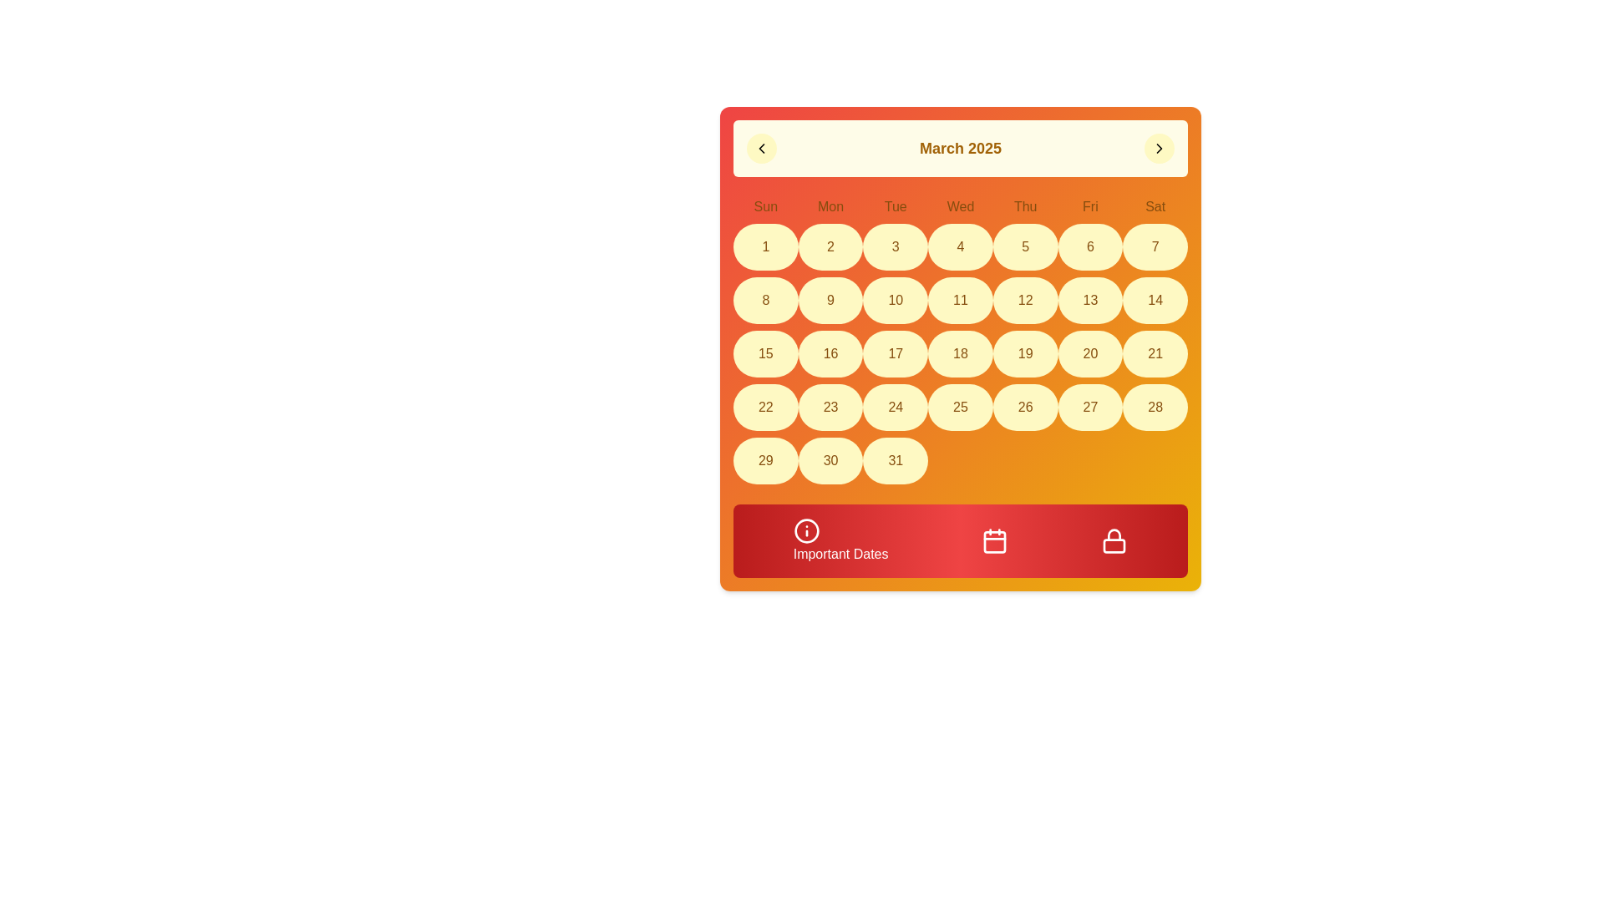 The image size is (1604, 902). Describe the element at coordinates (961, 340) in the screenshot. I see `the date in the calendar grid located centrally beneath the title 'March 2025'` at that location.